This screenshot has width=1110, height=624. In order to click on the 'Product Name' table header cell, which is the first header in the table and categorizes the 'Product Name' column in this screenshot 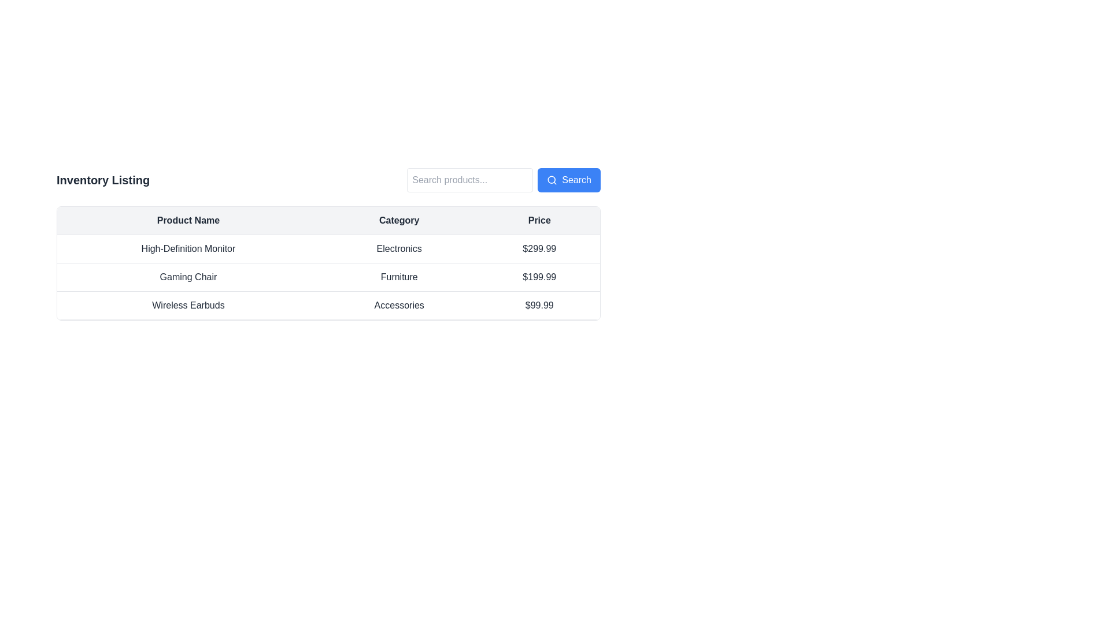, I will do `click(188, 221)`.